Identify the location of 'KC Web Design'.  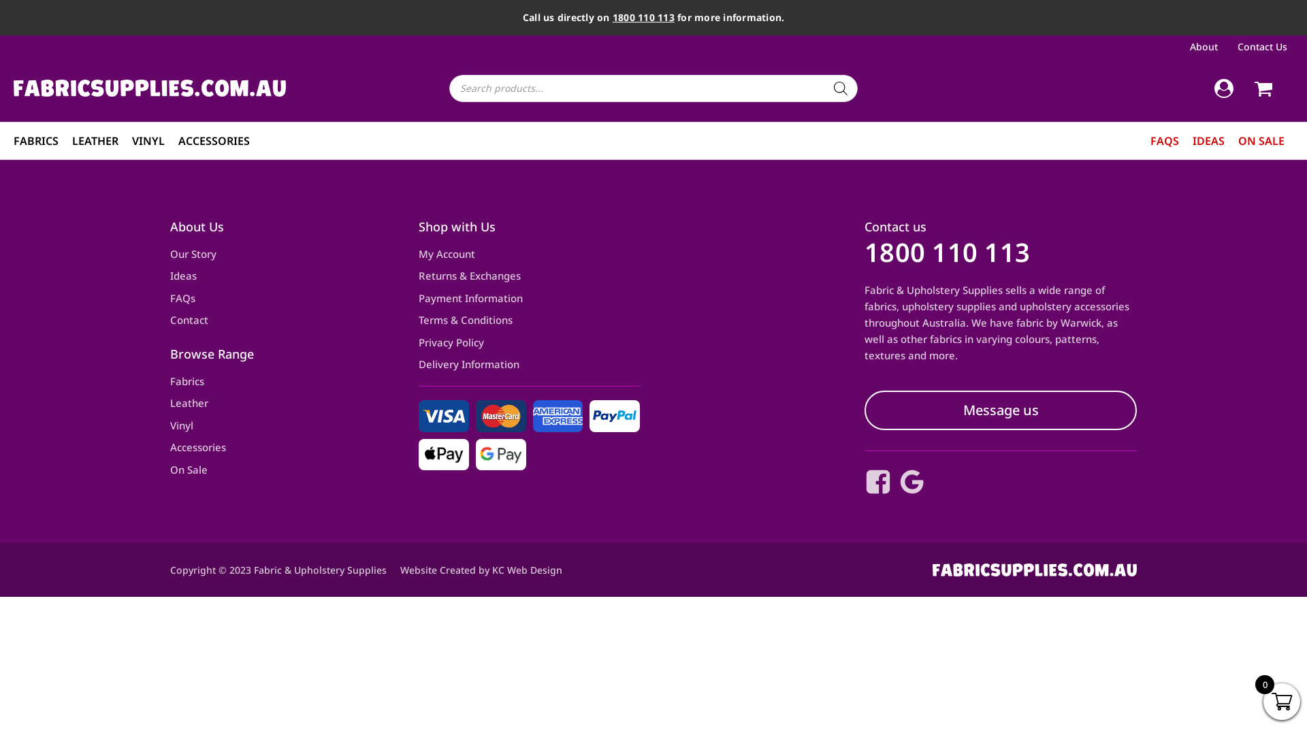
(526, 570).